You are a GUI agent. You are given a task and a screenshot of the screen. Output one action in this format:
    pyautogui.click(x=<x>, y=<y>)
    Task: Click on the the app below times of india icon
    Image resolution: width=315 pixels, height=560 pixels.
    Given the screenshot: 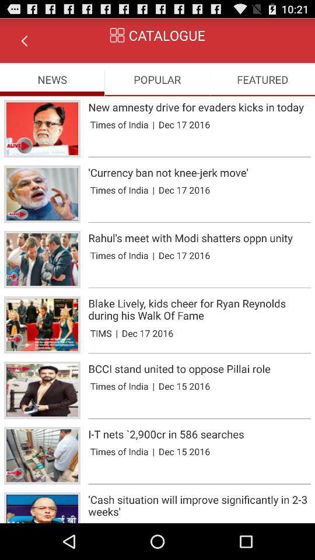 What is the action you would take?
    pyautogui.click(x=199, y=418)
    